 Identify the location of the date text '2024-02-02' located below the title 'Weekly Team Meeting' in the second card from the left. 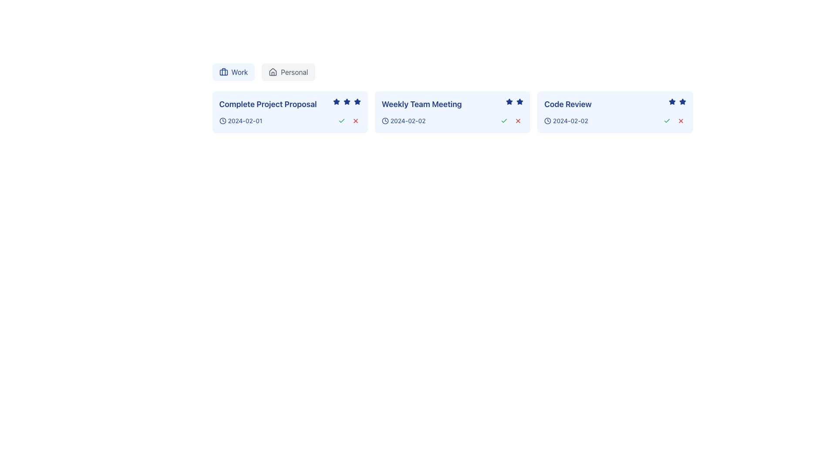
(403, 121).